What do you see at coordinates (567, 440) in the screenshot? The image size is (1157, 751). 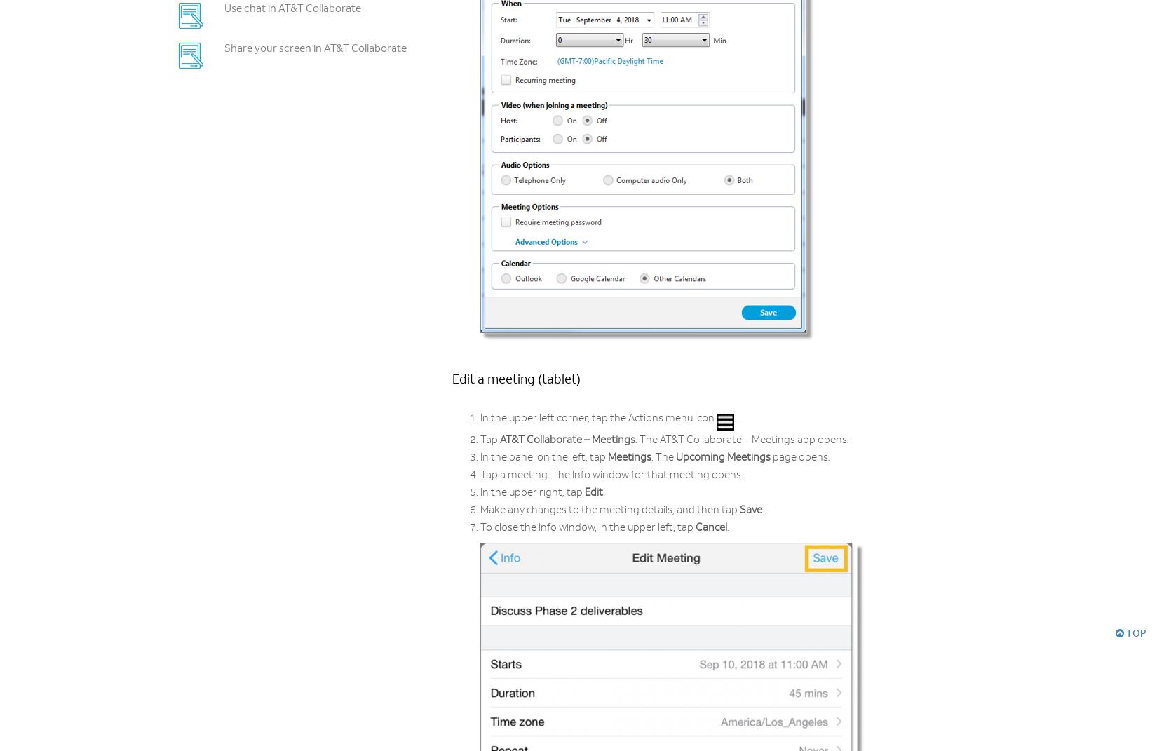 I see `'AT&T Collaborate – Meetings'` at bounding box center [567, 440].